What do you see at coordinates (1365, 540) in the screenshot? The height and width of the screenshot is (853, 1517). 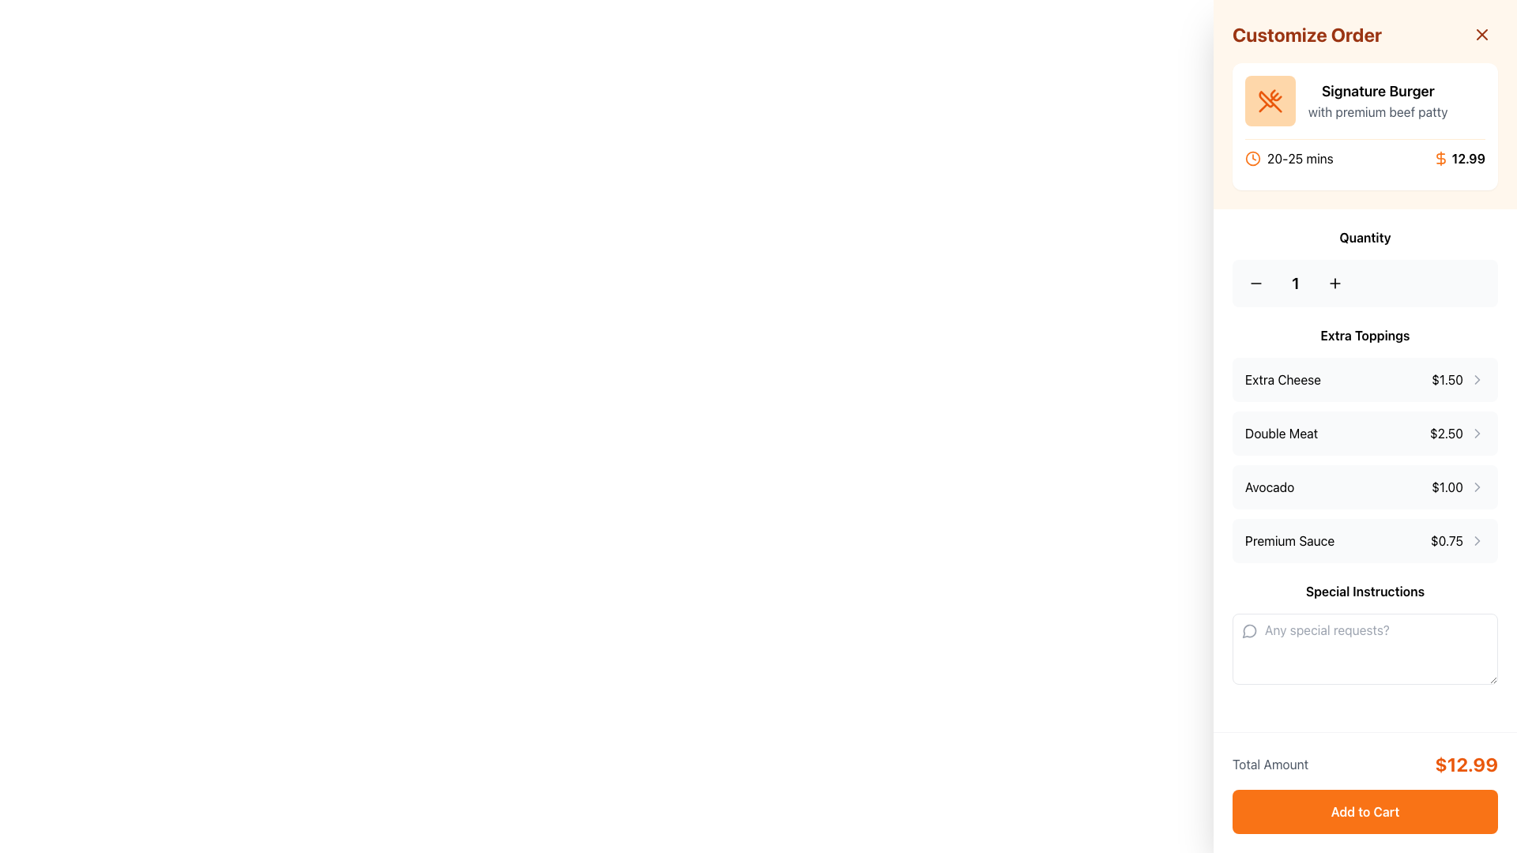 I see `the 'Premium Sauce' list item, which is the fourth item under 'Extra Toppings' displaying the price '$0.75' on the right` at bounding box center [1365, 540].